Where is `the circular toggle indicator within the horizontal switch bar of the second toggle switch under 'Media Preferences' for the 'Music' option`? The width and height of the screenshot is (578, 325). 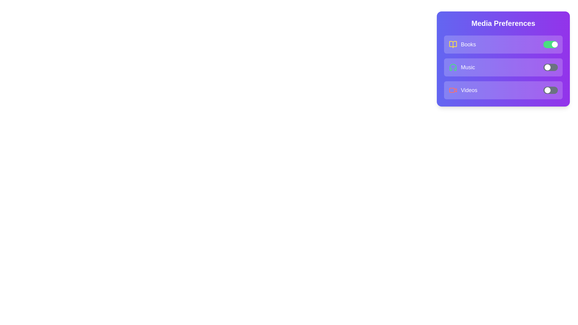
the circular toggle indicator within the horizontal switch bar of the second toggle switch under 'Media Preferences' for the 'Music' option is located at coordinates (548, 67).